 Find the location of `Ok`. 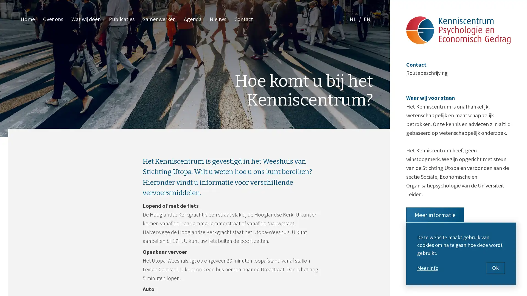

Ok is located at coordinates (495, 268).